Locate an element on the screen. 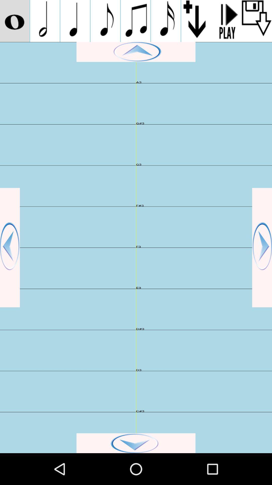 Image resolution: width=272 pixels, height=485 pixels. input quarter note is located at coordinates (75, 21).